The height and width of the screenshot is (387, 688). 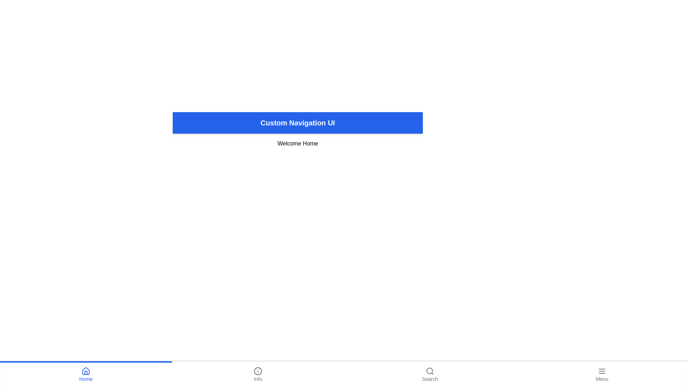 I want to click on the magnifying glass icon in the bottom navigation bar, so click(x=430, y=371).